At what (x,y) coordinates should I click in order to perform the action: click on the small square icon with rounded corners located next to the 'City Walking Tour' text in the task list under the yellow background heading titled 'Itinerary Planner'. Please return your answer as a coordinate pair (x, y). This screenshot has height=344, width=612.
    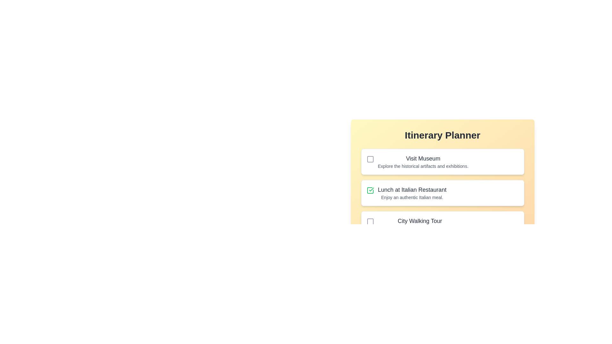
    Looking at the image, I should click on (370, 221).